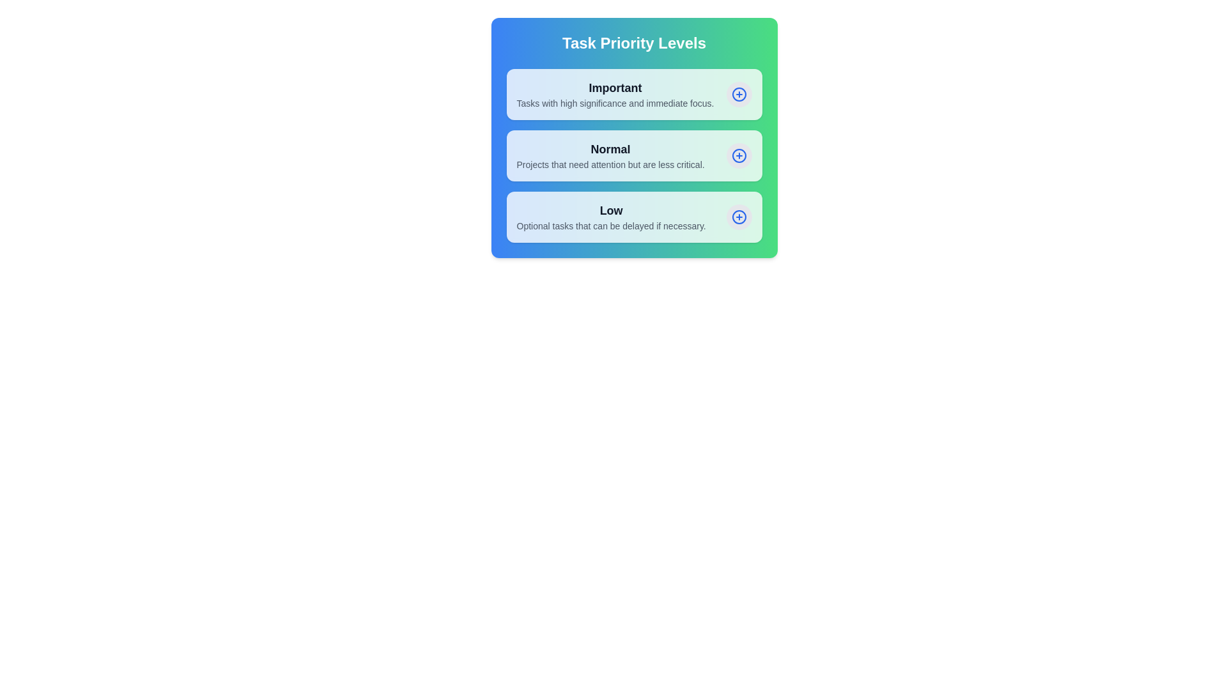 The image size is (1227, 690). I want to click on descriptive text content of the 'Low' priority category label located in the bottom-most card segment of the 'Task Priority Levels' layout, positioned directly under the bold 'Low' label, so click(610, 226).